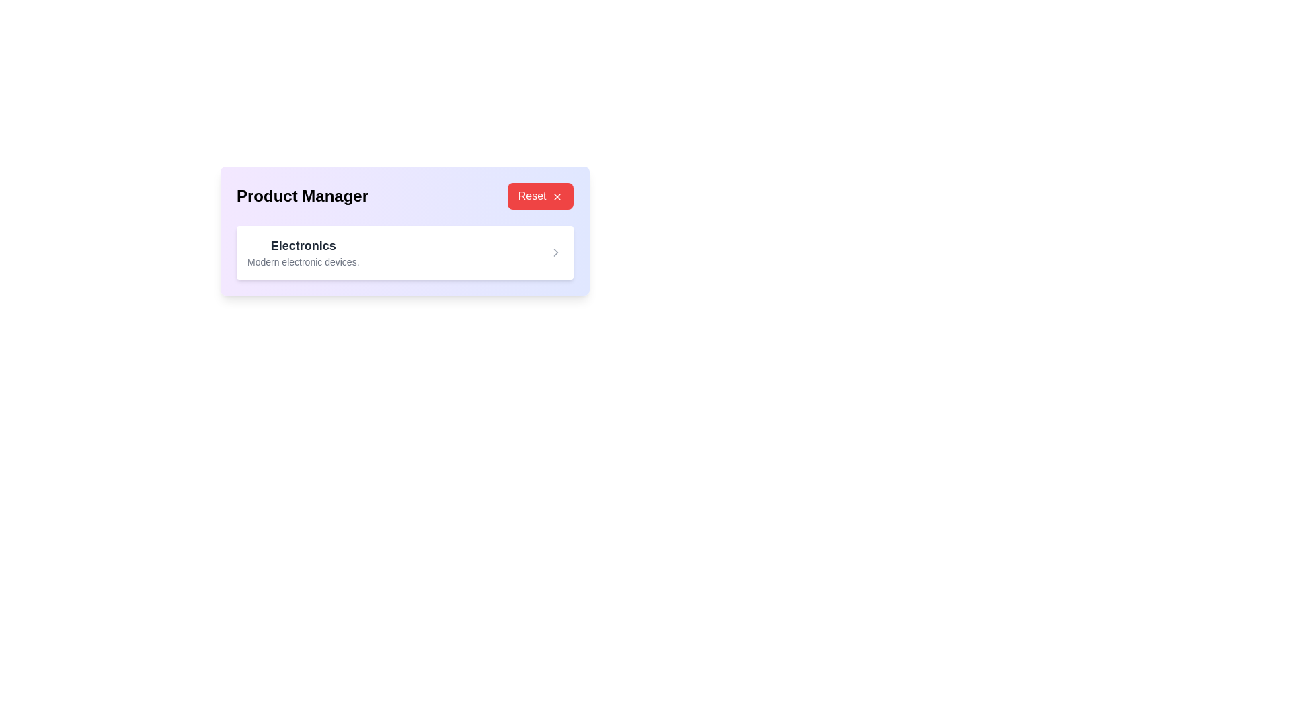 Image resolution: width=1291 pixels, height=726 pixels. What do you see at coordinates (404, 252) in the screenshot?
I see `the interactive card or list item for 'Electronics'` at bounding box center [404, 252].